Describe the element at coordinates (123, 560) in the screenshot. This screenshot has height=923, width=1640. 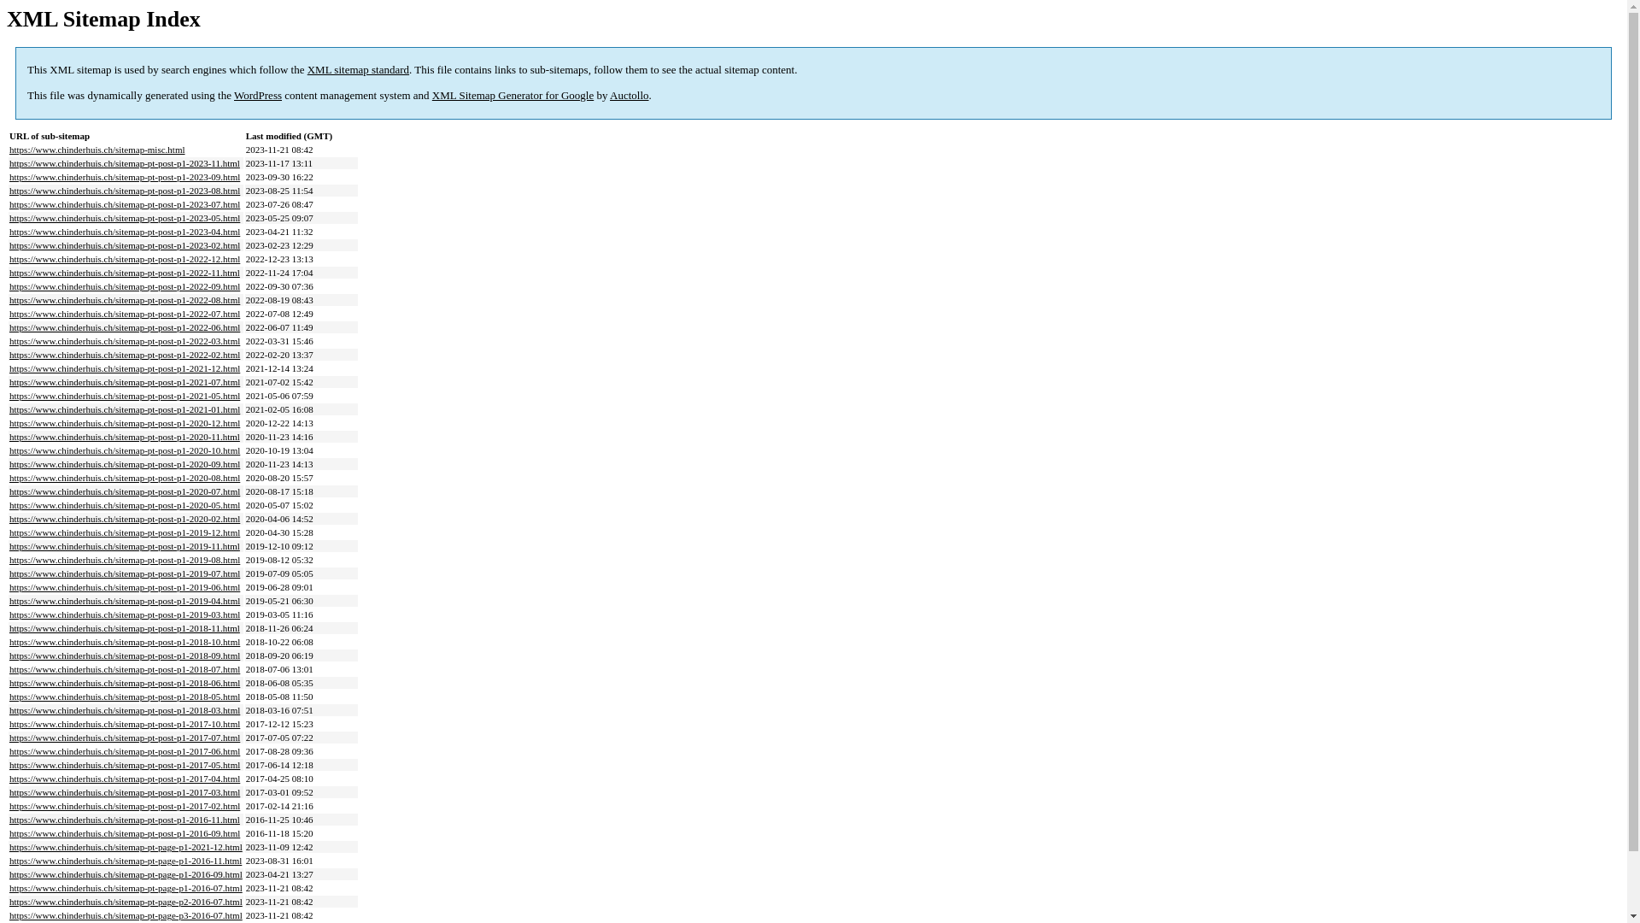
I see `'https://www.chinderhuis.ch/sitemap-pt-post-p1-2019-08.html'` at that location.